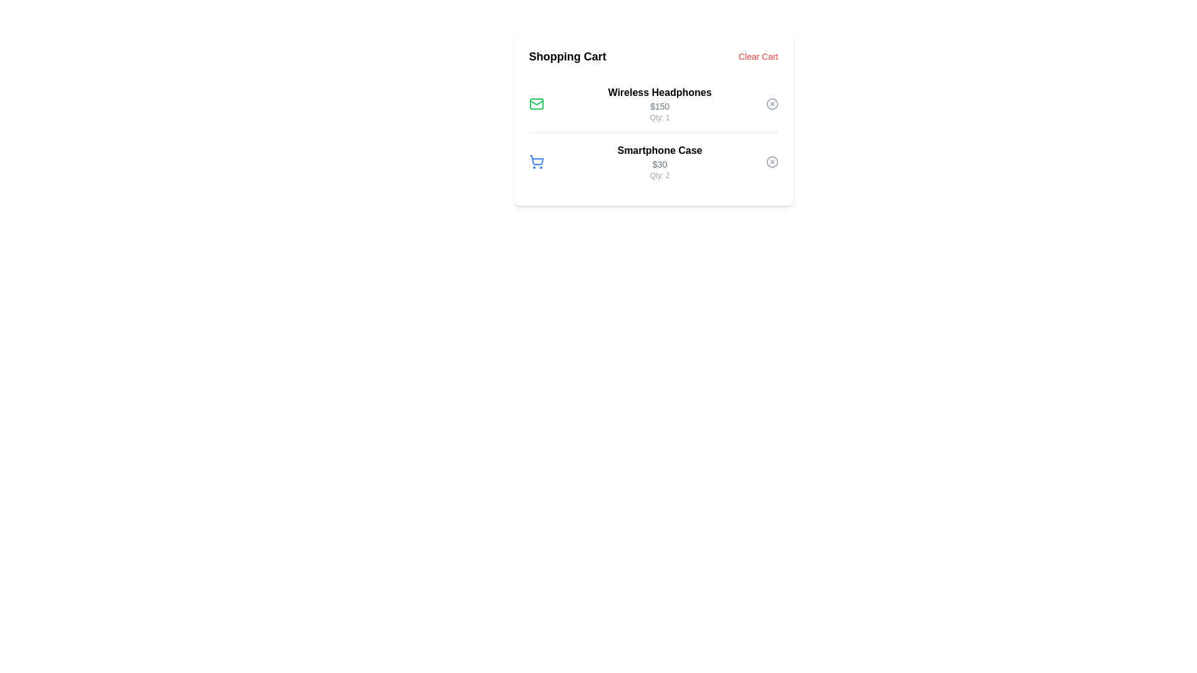 This screenshot has width=1197, height=673. Describe the element at coordinates (659, 175) in the screenshot. I see `the static text label displaying the quantity of 'Smartphone Case' in the shopping cart, which is located below the item's price ('$30')` at that location.